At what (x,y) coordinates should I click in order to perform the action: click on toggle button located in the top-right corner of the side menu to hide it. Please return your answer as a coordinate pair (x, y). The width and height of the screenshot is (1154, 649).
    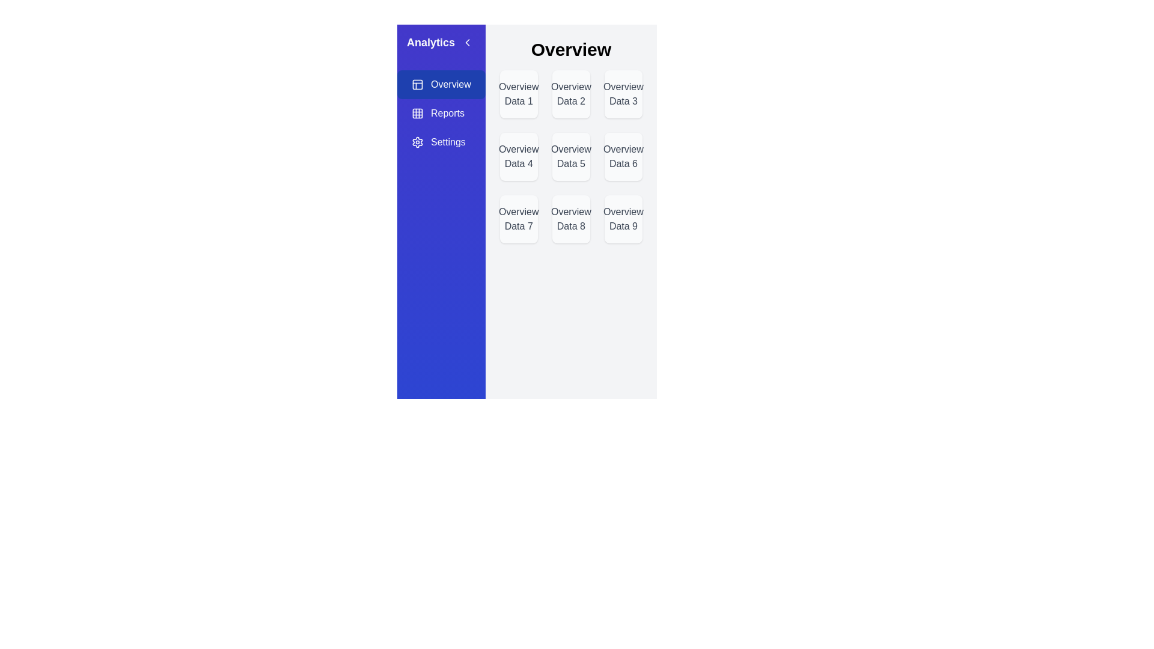
    Looking at the image, I should click on (466, 41).